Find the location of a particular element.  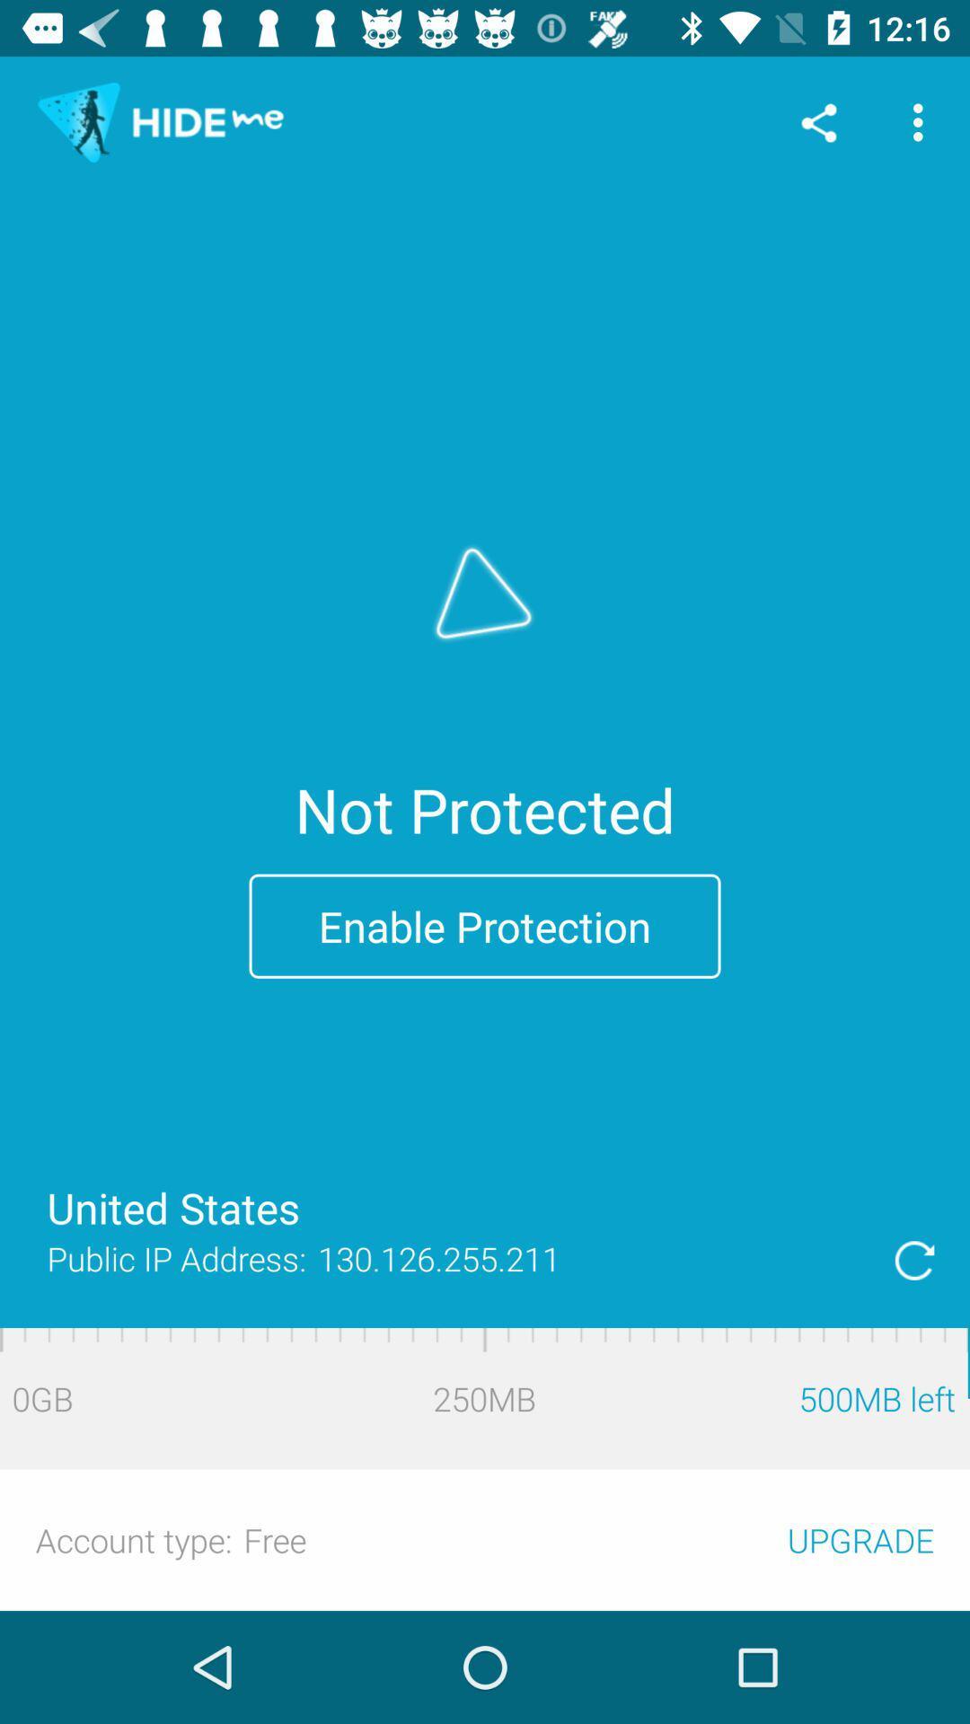

refresh the app is located at coordinates (914, 1259).